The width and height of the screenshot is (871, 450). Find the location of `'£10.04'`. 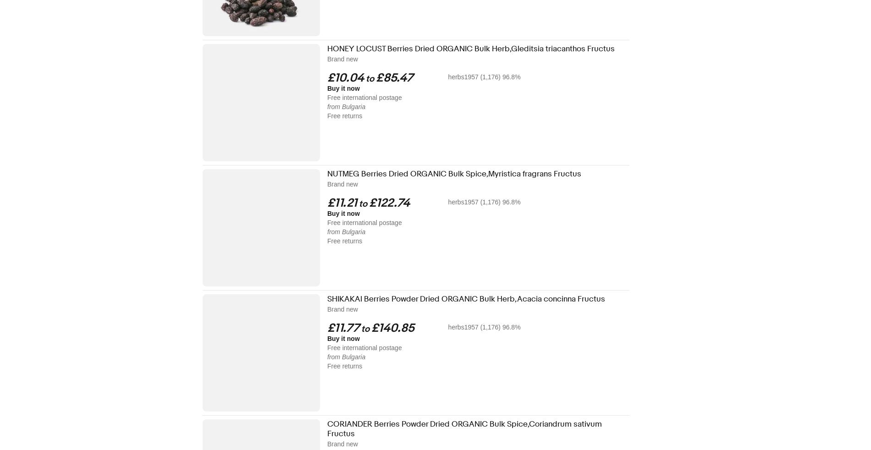

'£10.04' is located at coordinates (345, 77).